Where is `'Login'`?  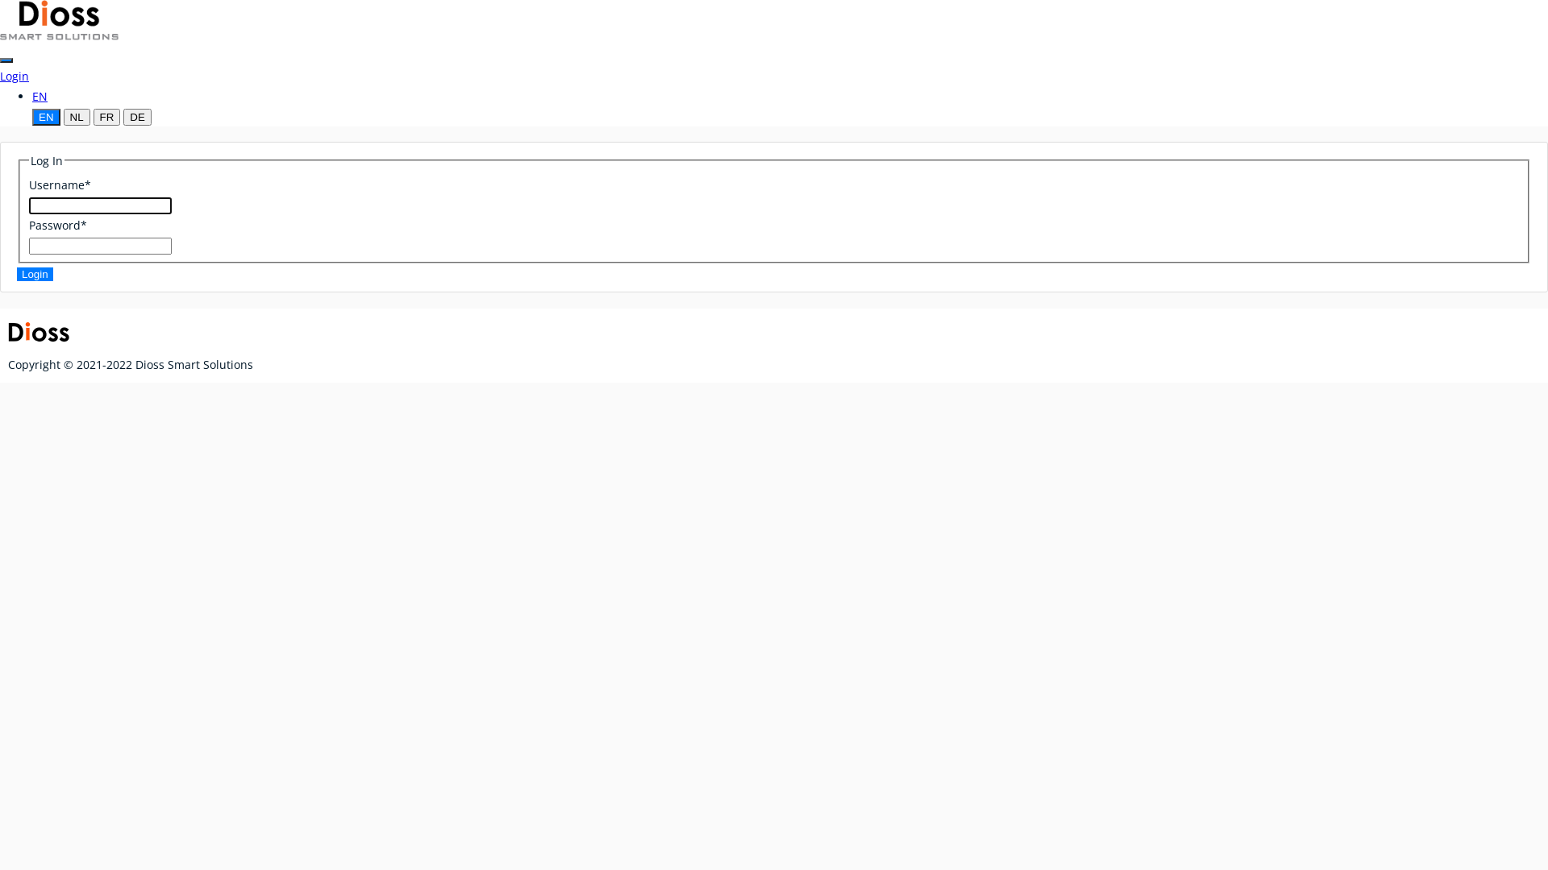 'Login' is located at coordinates (35, 273).